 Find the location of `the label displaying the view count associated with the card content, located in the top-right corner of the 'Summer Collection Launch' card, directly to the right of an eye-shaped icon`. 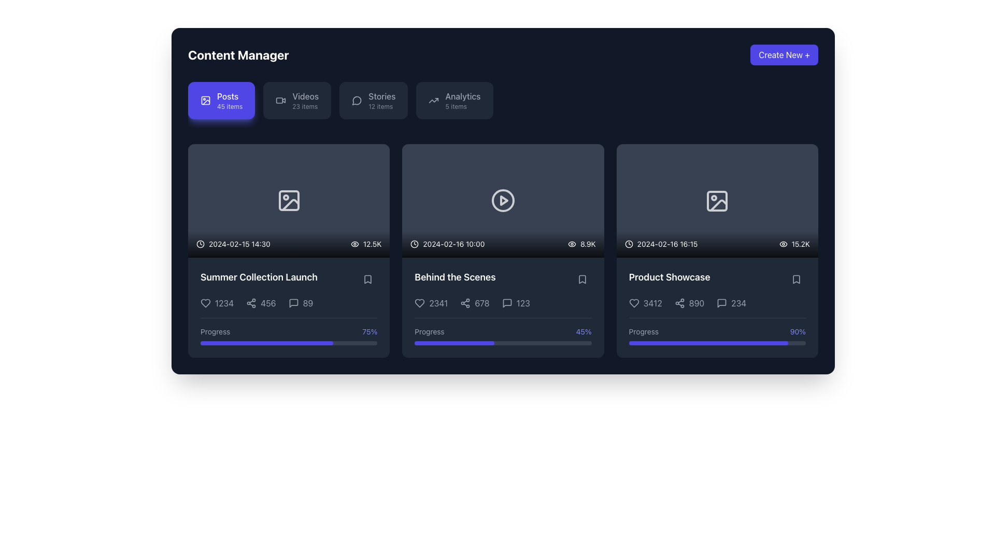

the label displaying the view count associated with the card content, located in the top-right corner of the 'Summer Collection Launch' card, directly to the right of an eye-shaped icon is located at coordinates (372, 244).